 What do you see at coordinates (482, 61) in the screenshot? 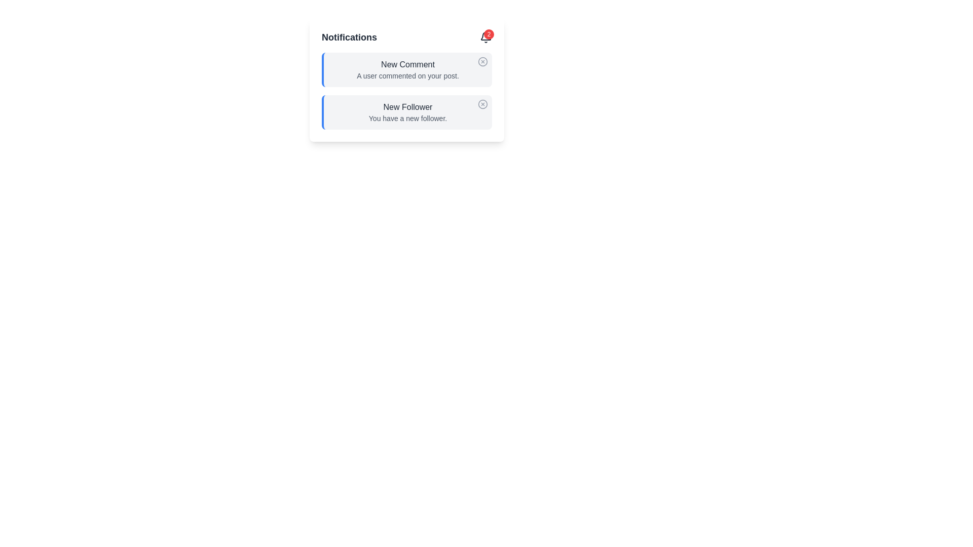
I see `the circular part of the 'close' icon located` at bounding box center [482, 61].